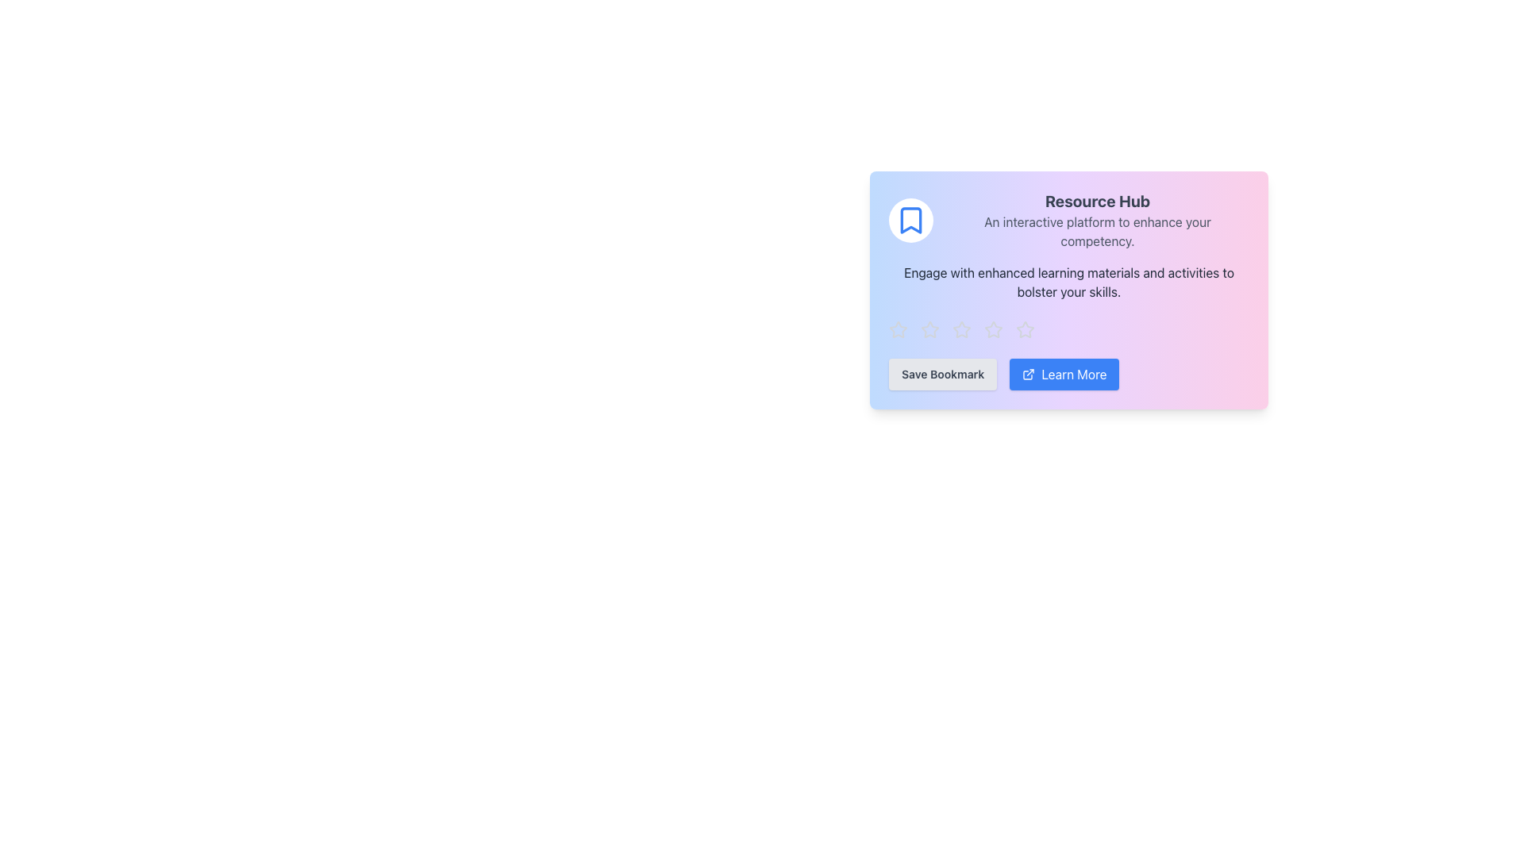  I want to click on the button located to the immediate right of the 'Save Bookmark' button in the 'Resource Hub' panel, so click(1069, 374).